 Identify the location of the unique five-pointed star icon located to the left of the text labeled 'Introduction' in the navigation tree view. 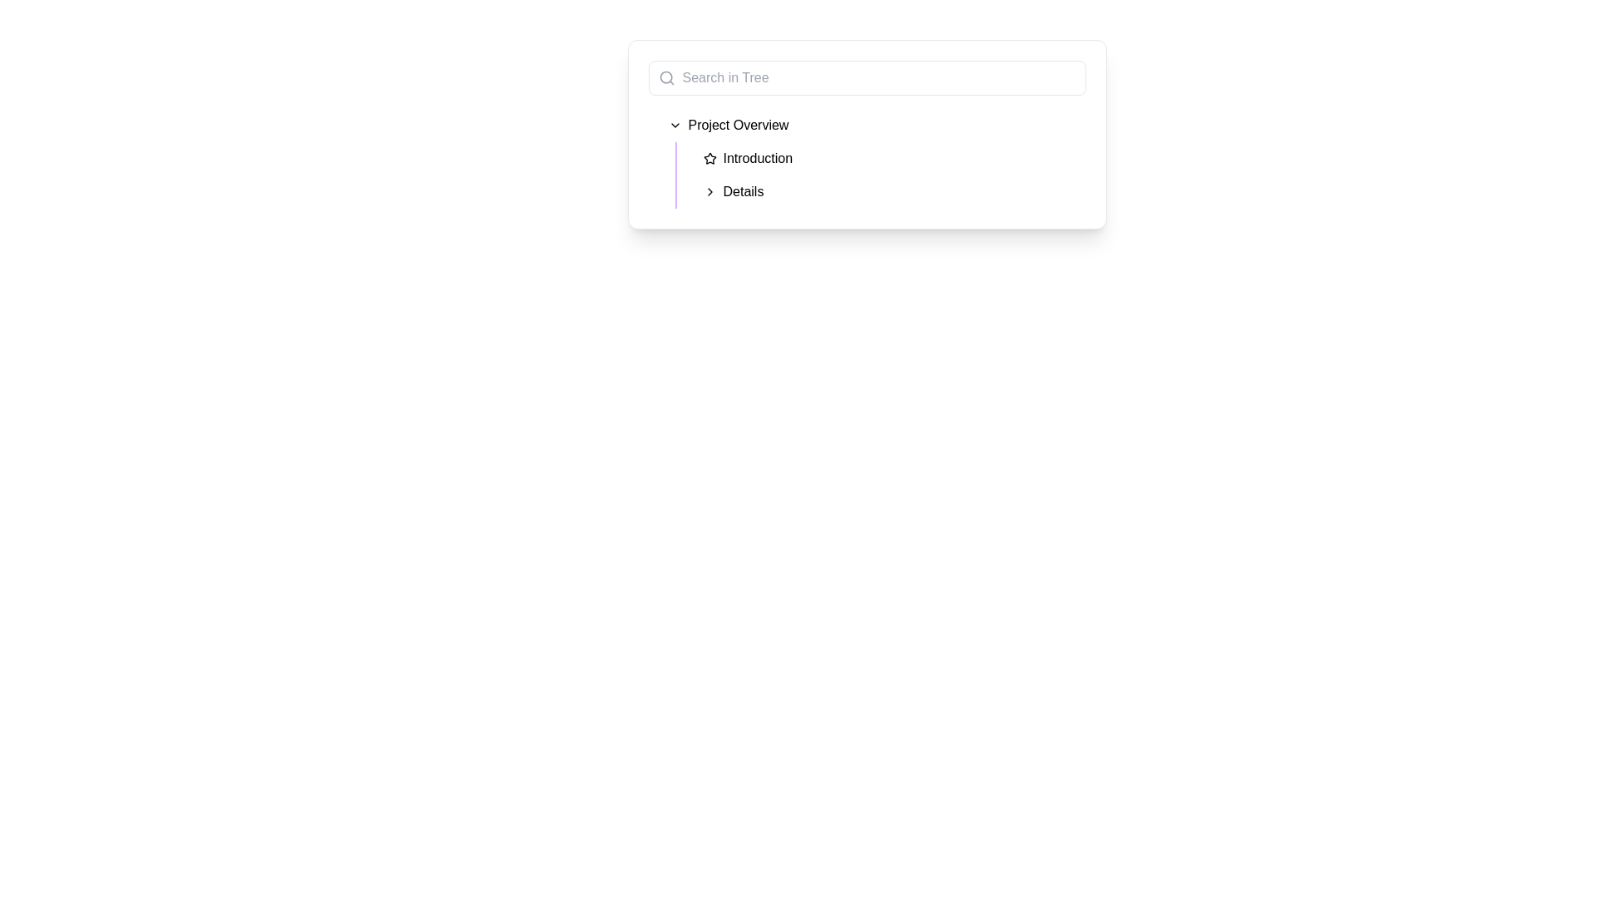
(710, 158).